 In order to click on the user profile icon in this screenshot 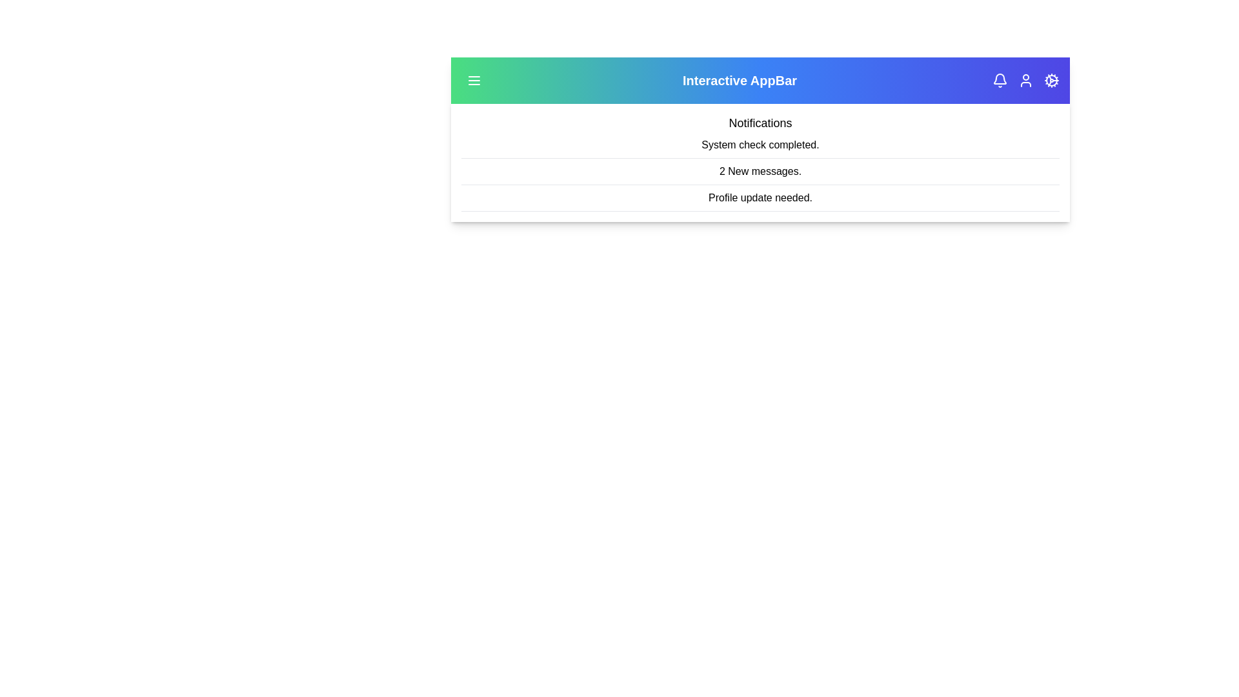, I will do `click(1025, 80)`.